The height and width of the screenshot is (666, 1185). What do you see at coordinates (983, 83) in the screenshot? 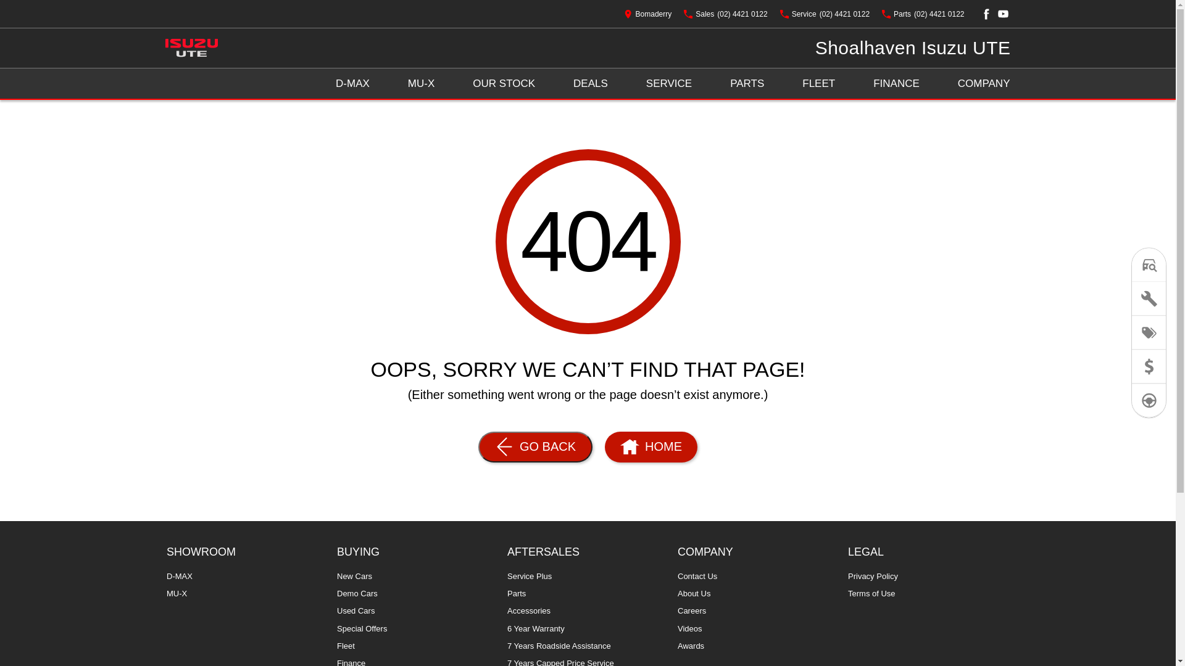
I see `'COMPANY'` at bounding box center [983, 83].